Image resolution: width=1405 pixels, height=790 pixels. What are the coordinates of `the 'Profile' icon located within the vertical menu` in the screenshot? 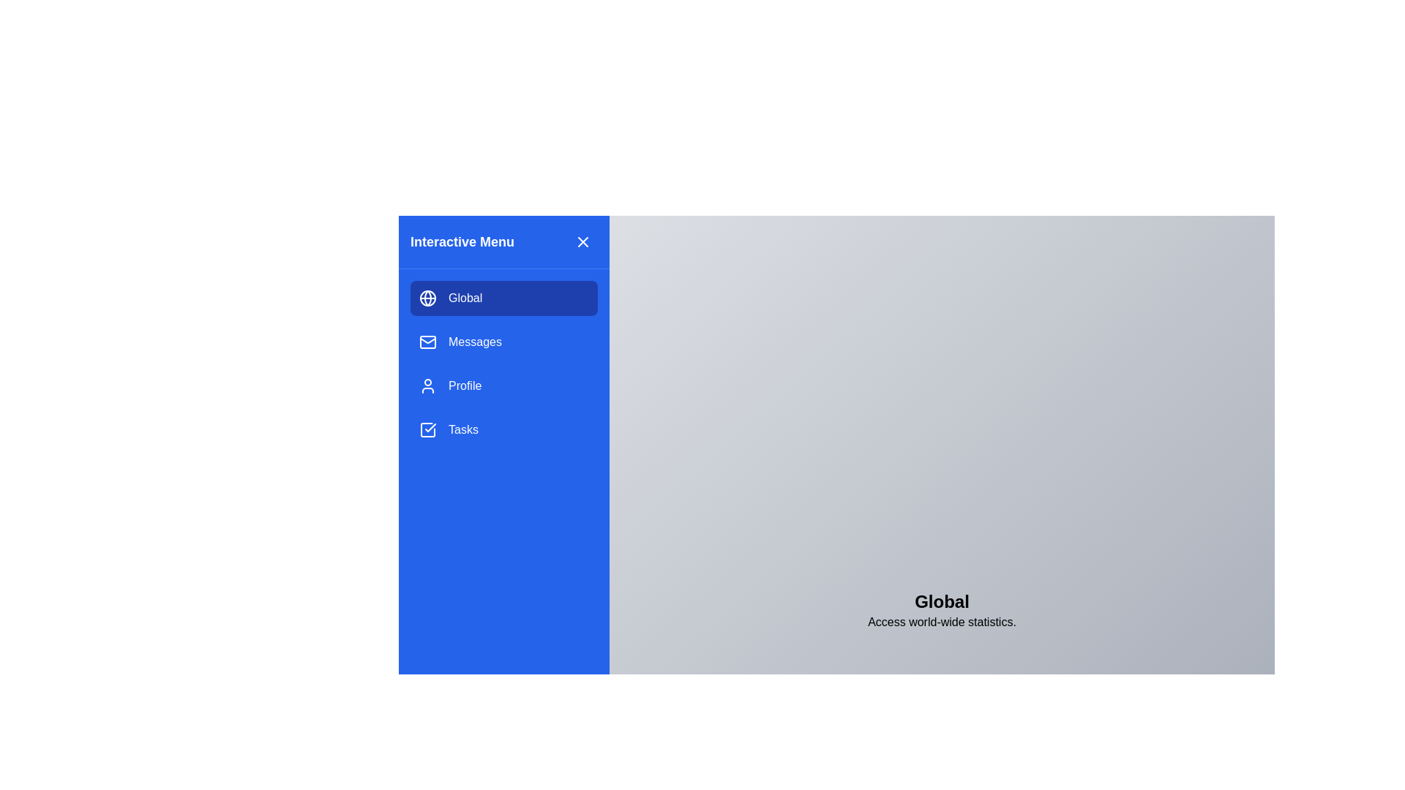 It's located at (427, 385).